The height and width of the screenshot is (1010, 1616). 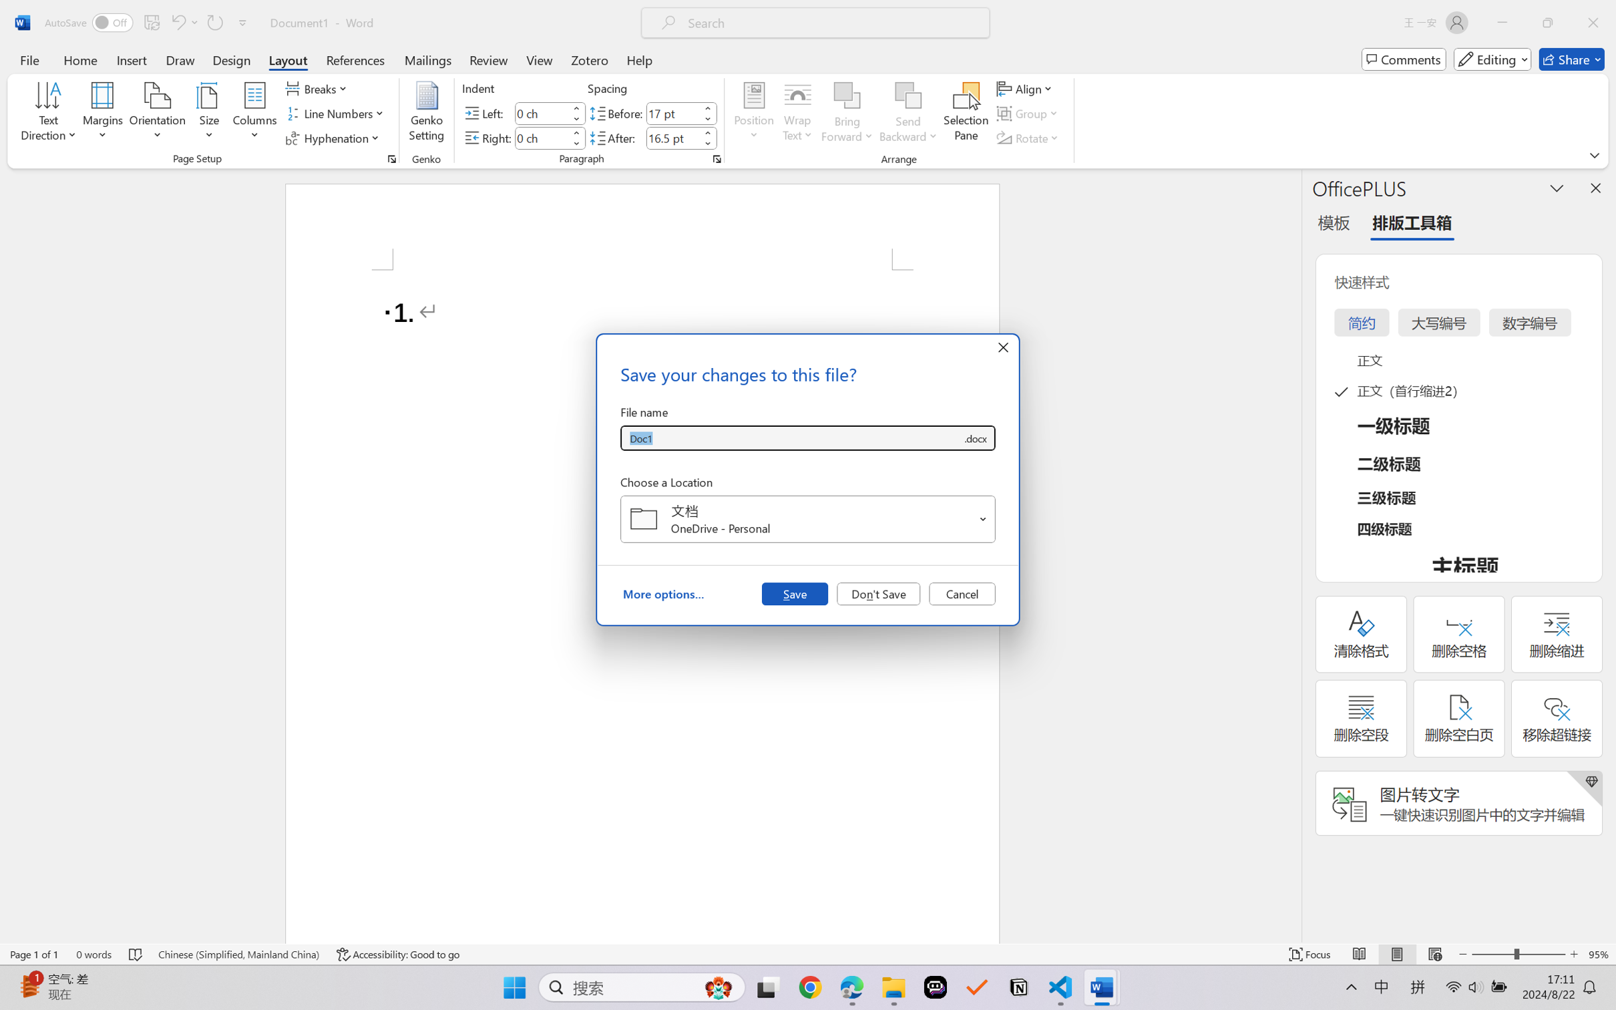 What do you see at coordinates (791, 438) in the screenshot?
I see `'File name'` at bounding box center [791, 438].